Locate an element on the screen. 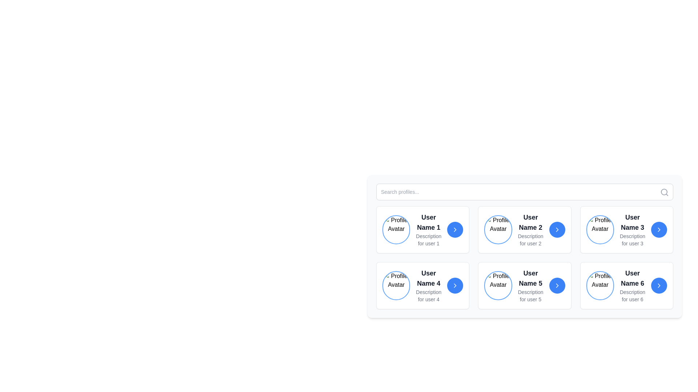 This screenshot has height=392, width=698. the search icon located at the top-right corner of the adjacent search input field, which serves to indicate and trigger the search functionality is located at coordinates (665, 192).